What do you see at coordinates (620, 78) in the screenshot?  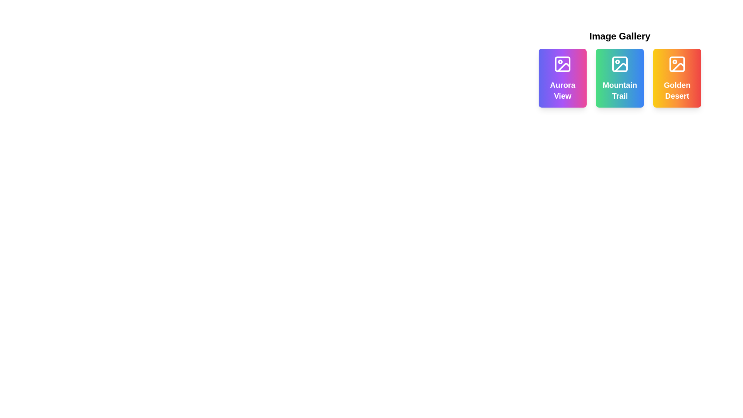 I see `the 'Mountain Trail' tile in the Image Gallery` at bounding box center [620, 78].